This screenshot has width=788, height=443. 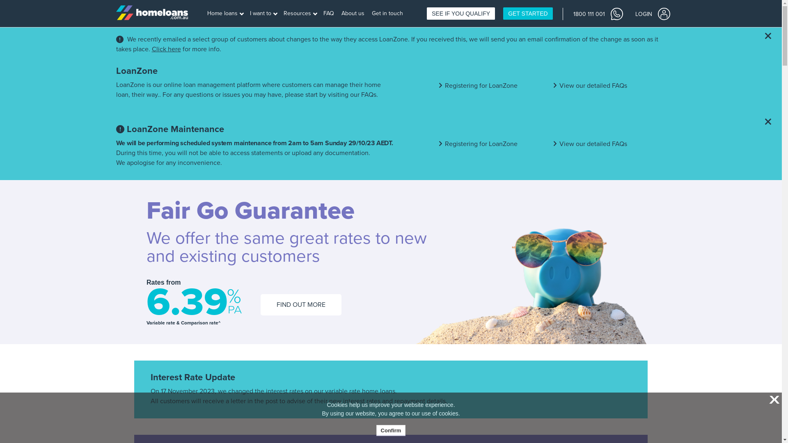 I want to click on 'Resources', so click(x=300, y=14).